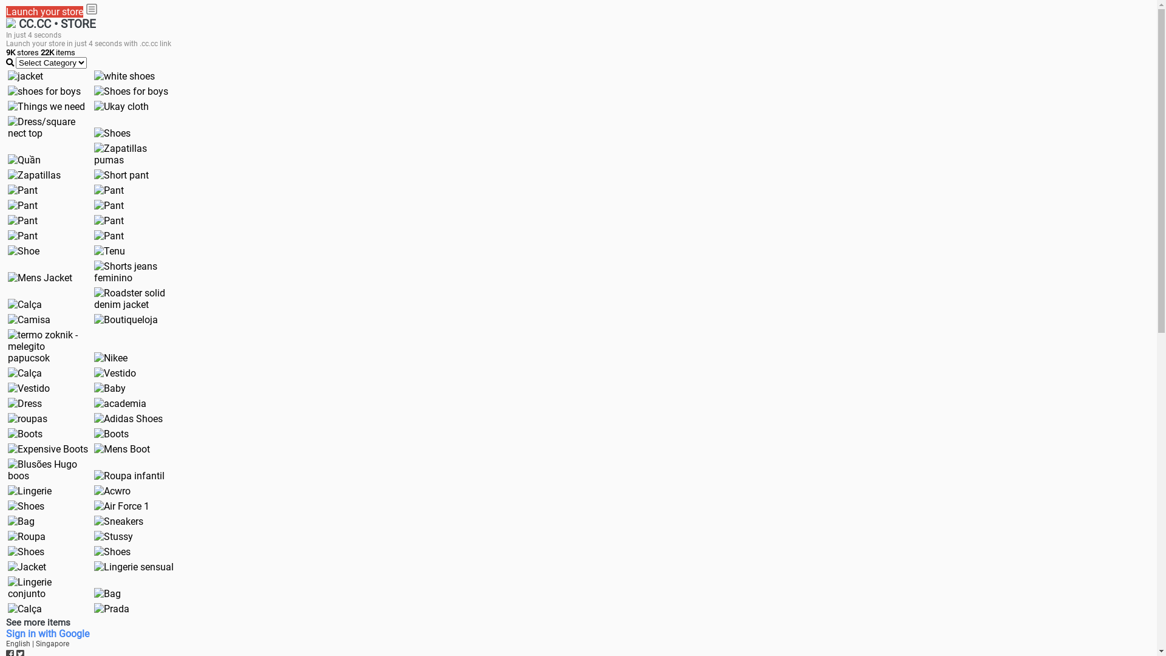  Describe the element at coordinates (34, 175) in the screenshot. I see `'Zapatillas'` at that location.